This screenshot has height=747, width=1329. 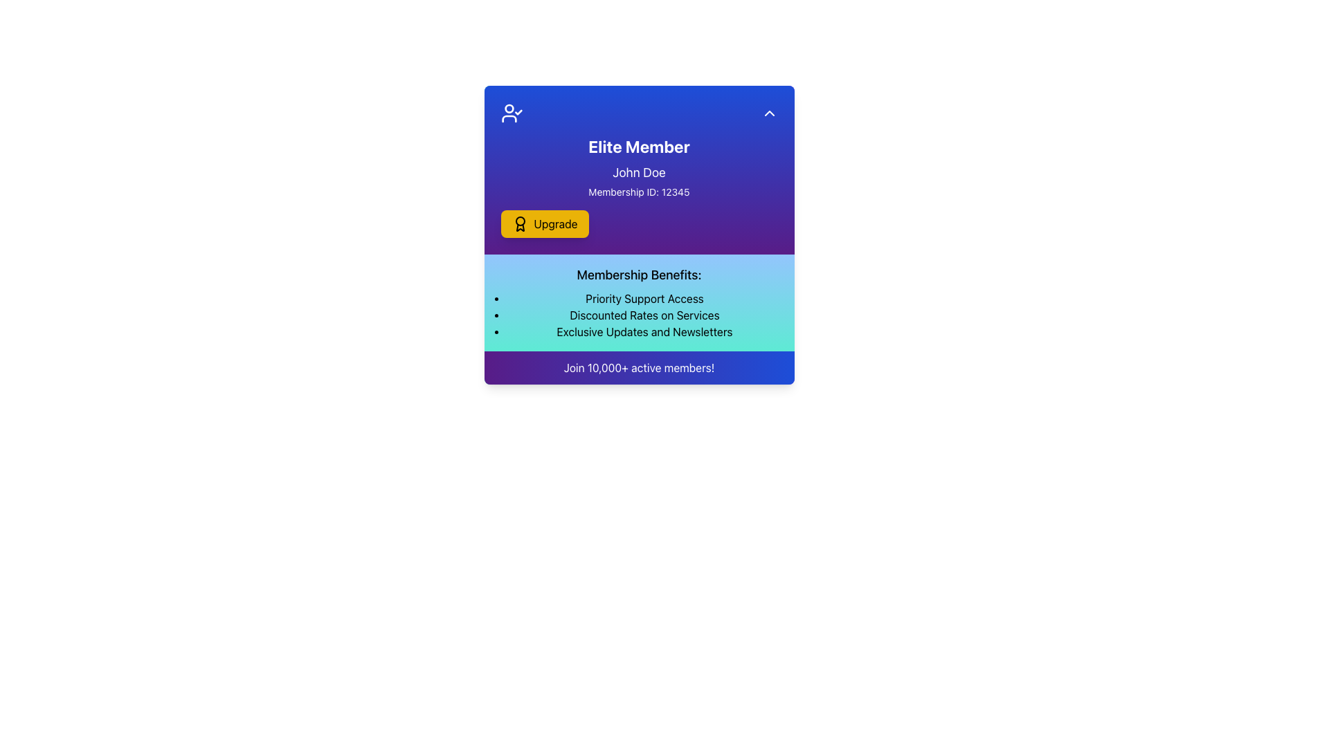 What do you see at coordinates (644, 315) in the screenshot?
I see `text from the text label displaying 'Discounted Rates on Services', which is the second item in a list of benefits on a membership card interface` at bounding box center [644, 315].